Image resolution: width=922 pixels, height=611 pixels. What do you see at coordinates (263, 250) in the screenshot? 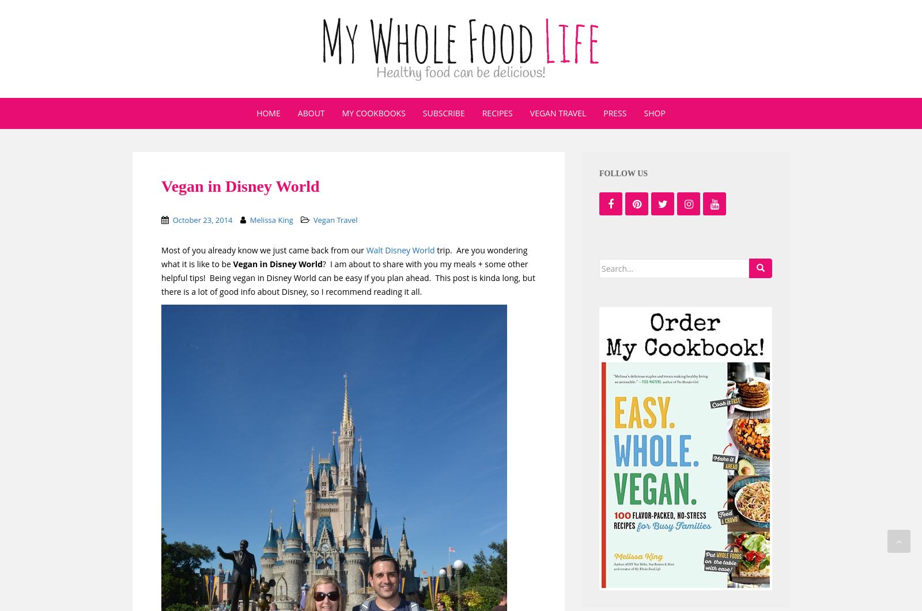
I see `'Most of you already know we just came back from our'` at bounding box center [263, 250].